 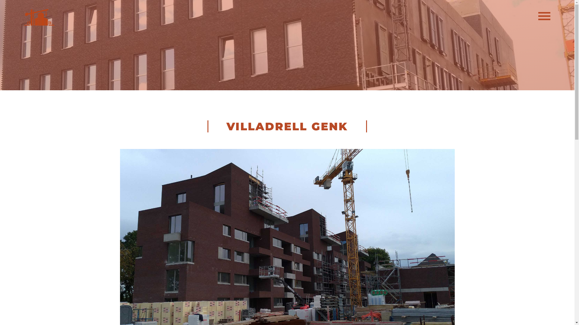 I want to click on 'hamburger menu', so click(x=538, y=18).